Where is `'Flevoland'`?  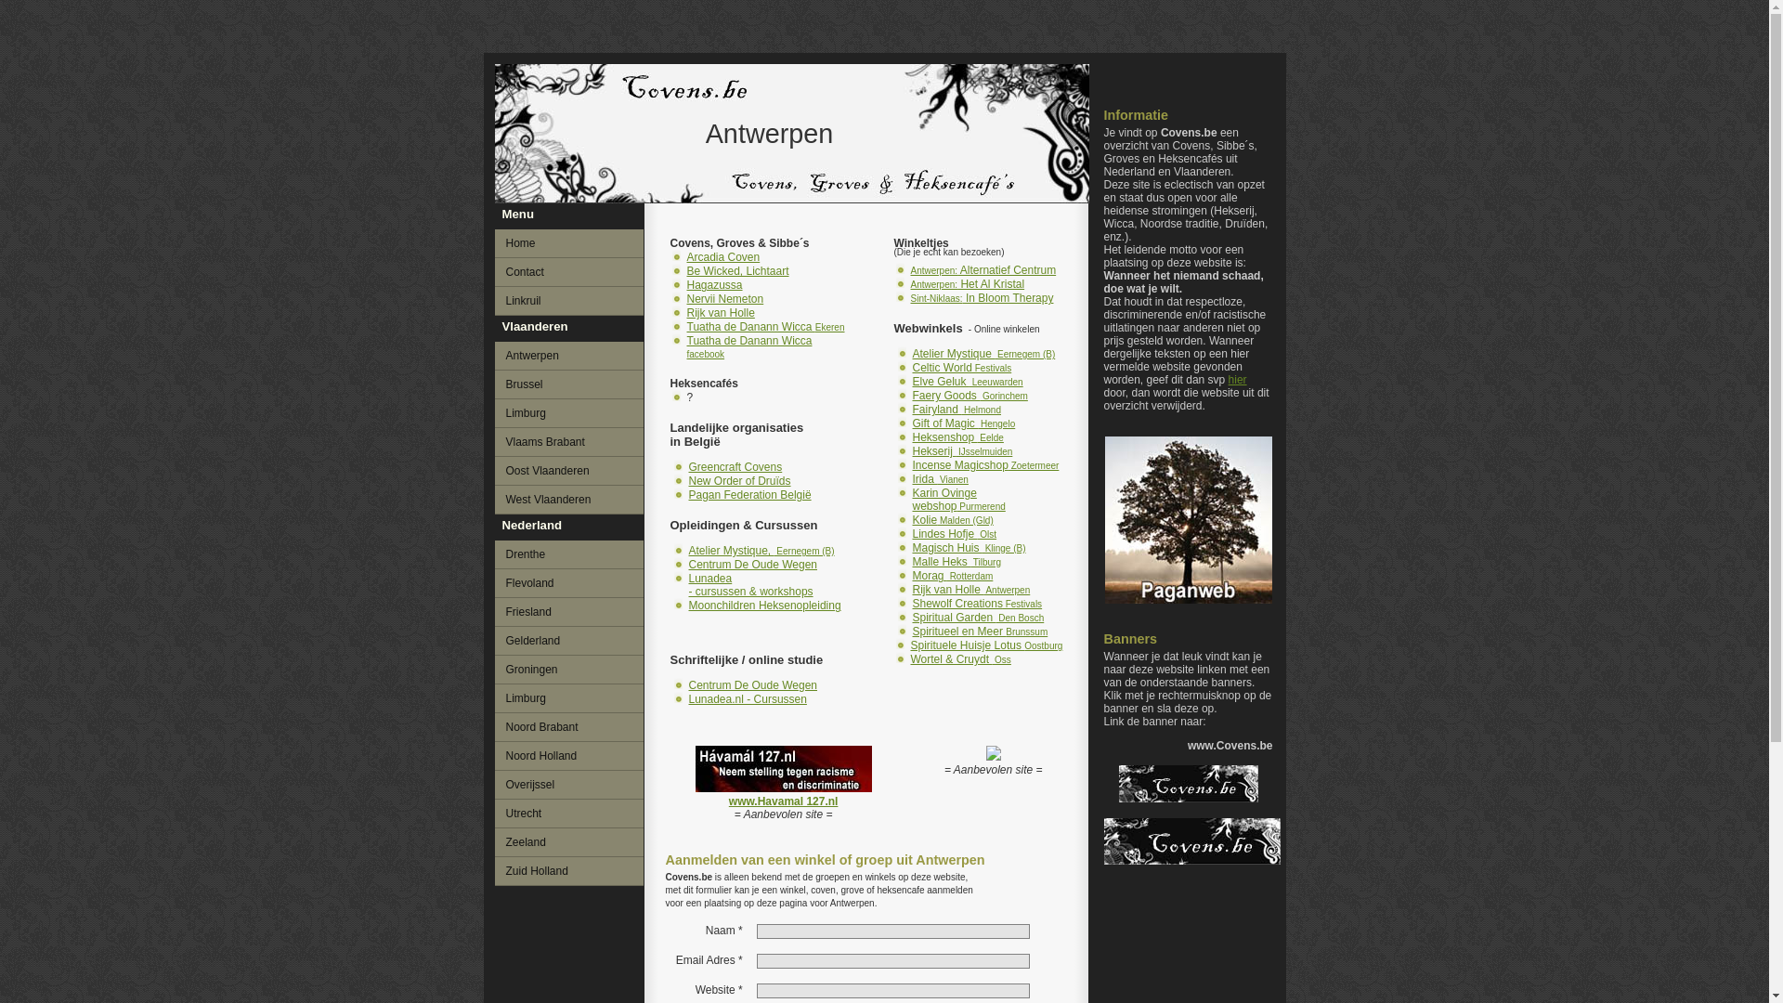
'Flevoland' is located at coordinates (566, 582).